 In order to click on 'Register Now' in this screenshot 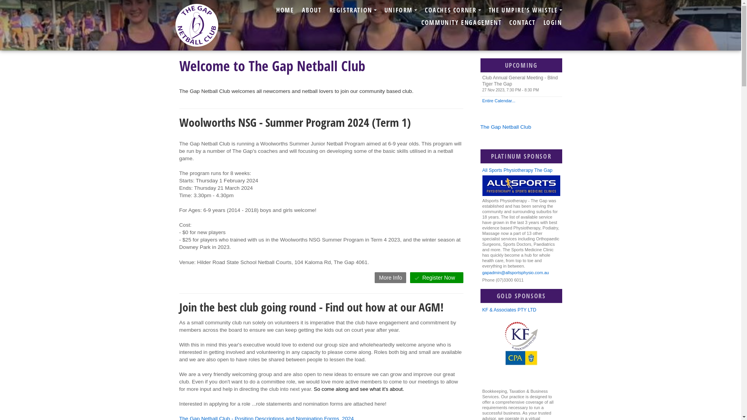, I will do `click(437, 277)`.